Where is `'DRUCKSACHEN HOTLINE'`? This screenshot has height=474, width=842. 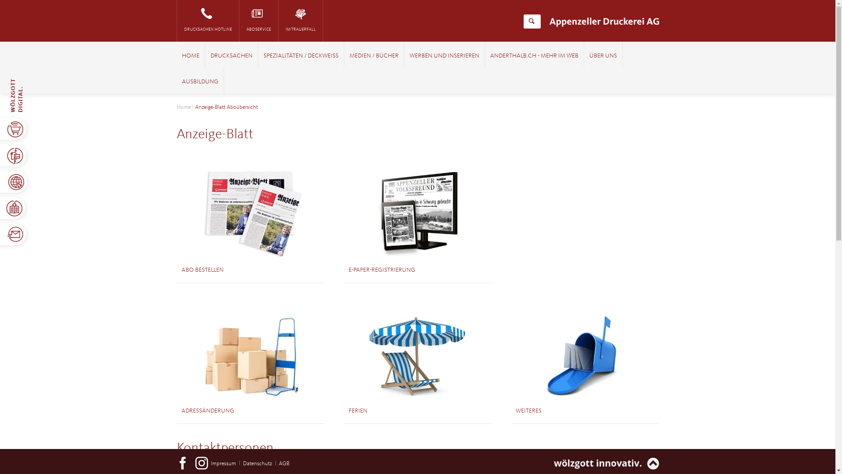
'DRUCKSACHEN HOTLINE' is located at coordinates (207, 20).